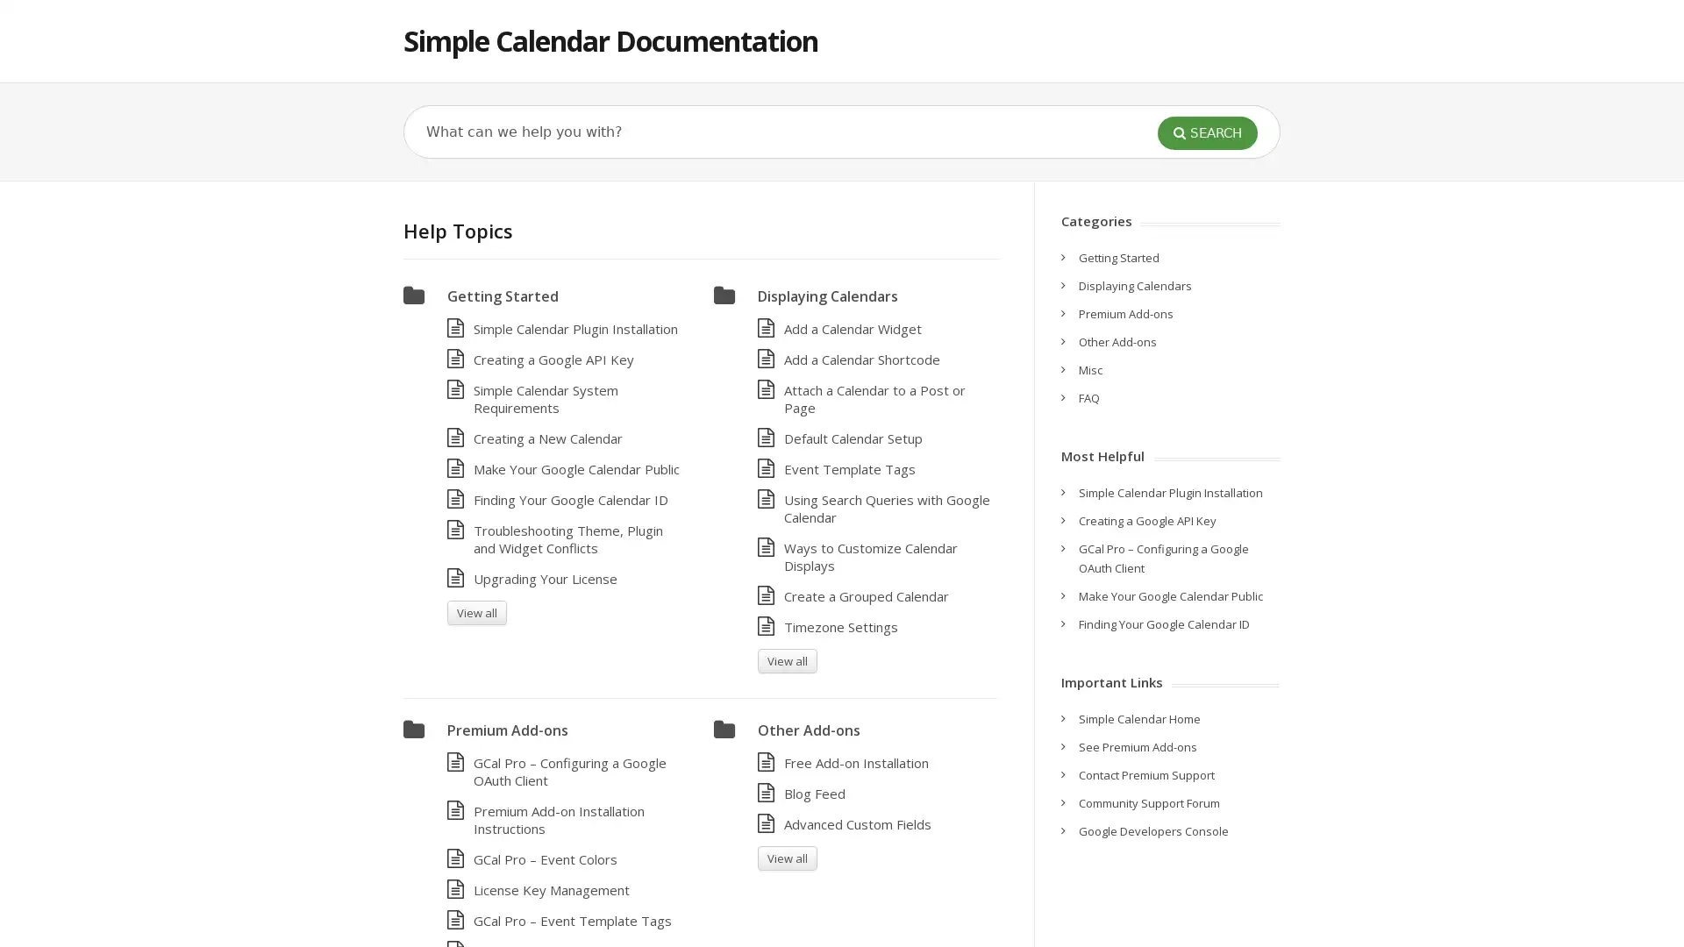 The image size is (1684, 947). What do you see at coordinates (1207, 132) in the screenshot?
I see `SEARCH` at bounding box center [1207, 132].